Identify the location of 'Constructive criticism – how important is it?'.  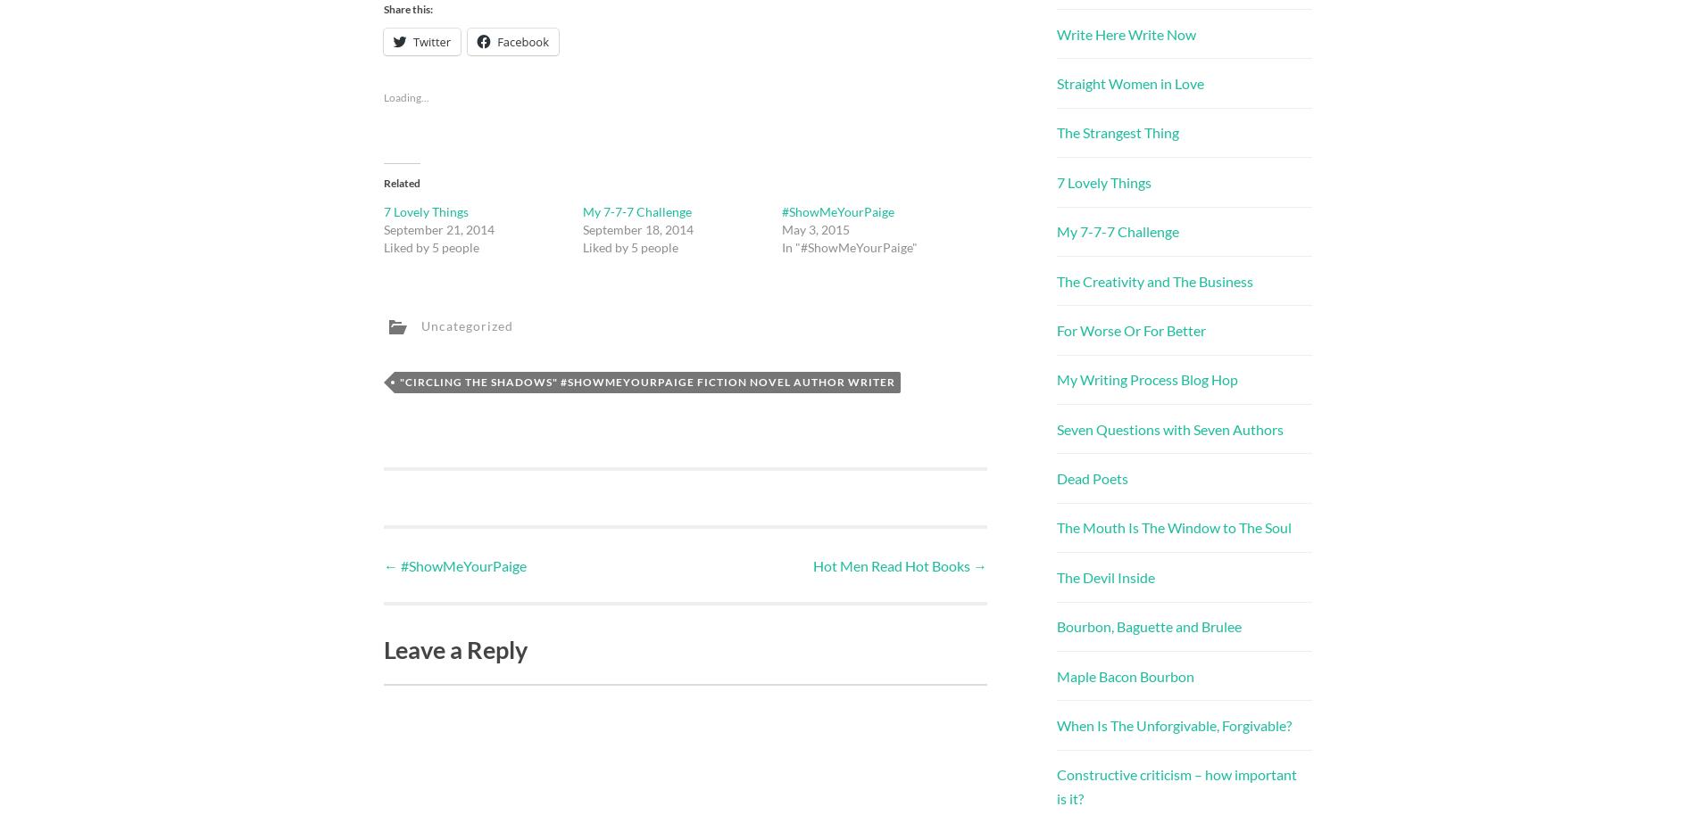
(1176, 786).